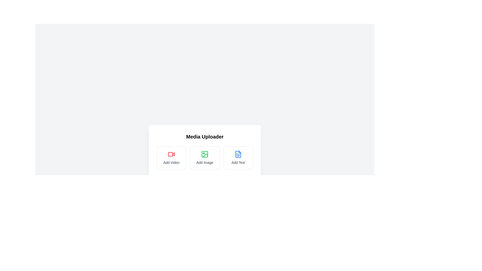  What do you see at coordinates (205, 155) in the screenshot?
I see `the 'Add Image' button, which is visually represented by a green-themed SVG graphic icon featuring a mountain and sun inside a rounded rectangular frame, centrally located between the 'Add Video' and 'Add Text' buttons` at bounding box center [205, 155].